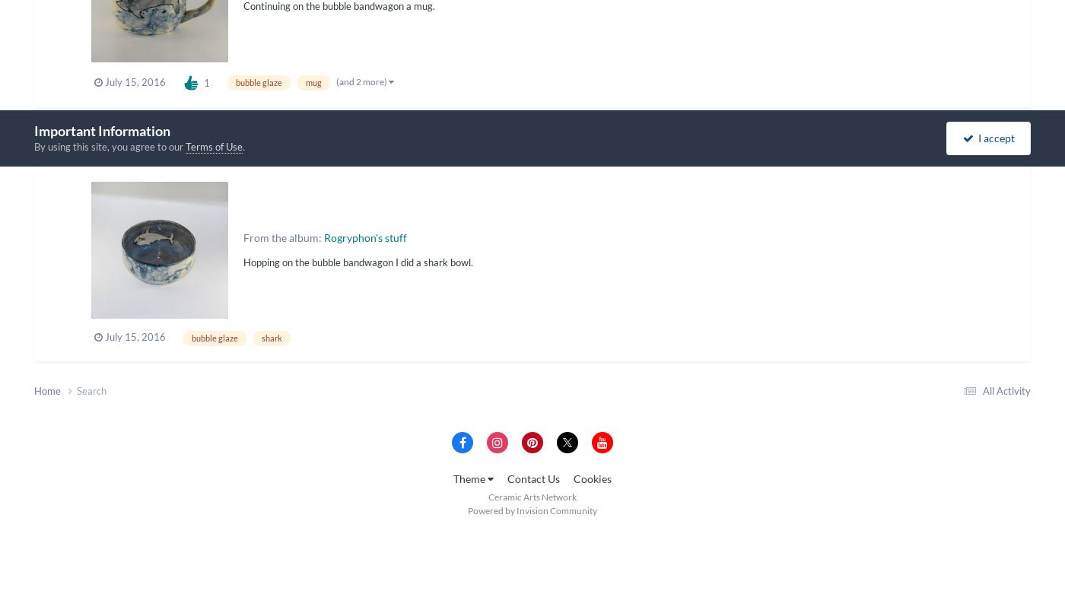 The height and width of the screenshot is (594, 1065). Describe the element at coordinates (243, 237) in the screenshot. I see `'From the album:'` at that location.